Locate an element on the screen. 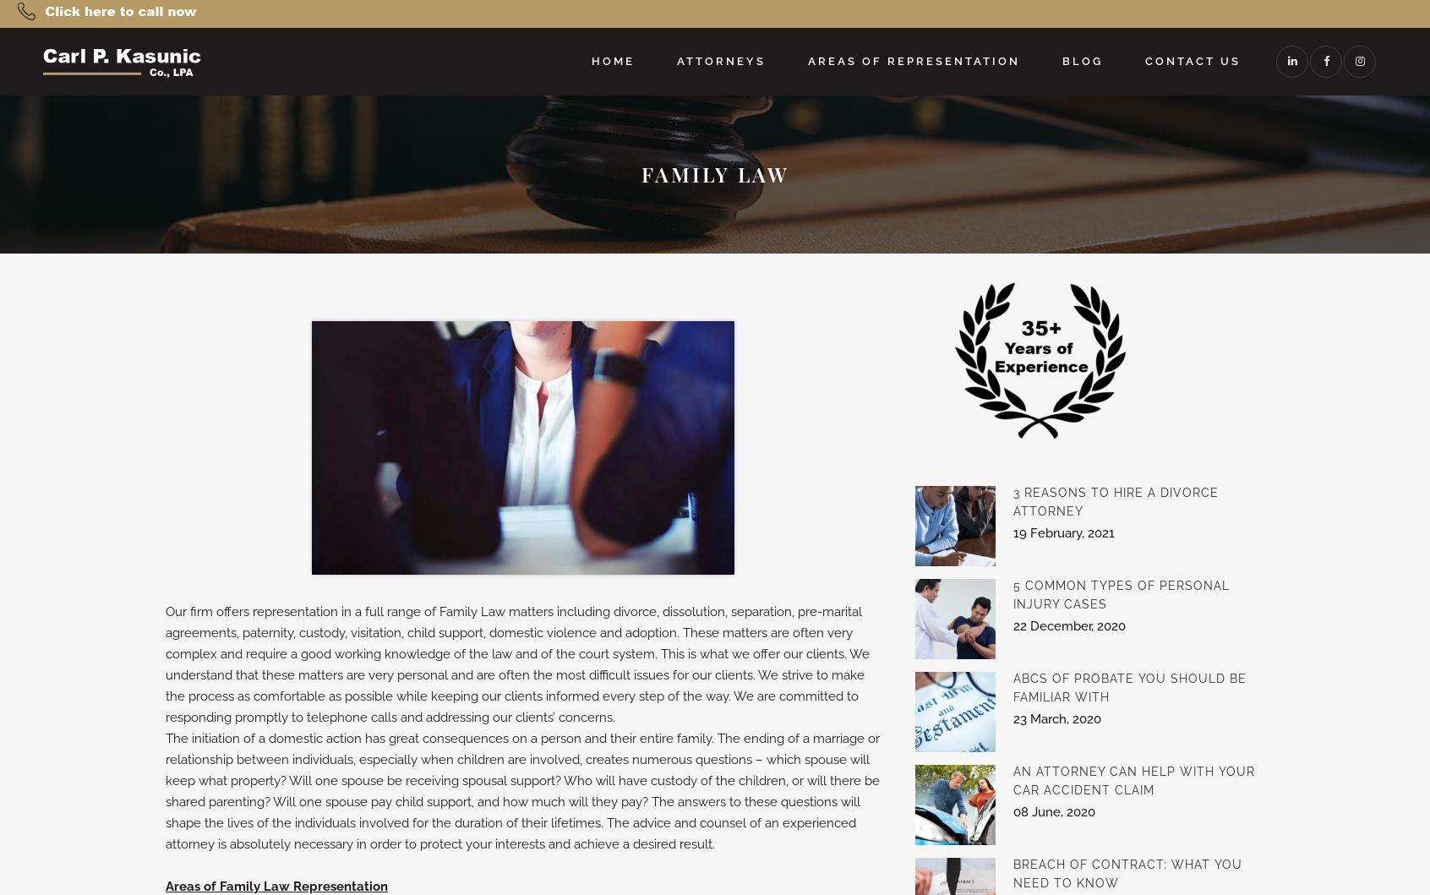 The width and height of the screenshot is (1430, 895). '22 December, 2020' is located at coordinates (1068, 625).